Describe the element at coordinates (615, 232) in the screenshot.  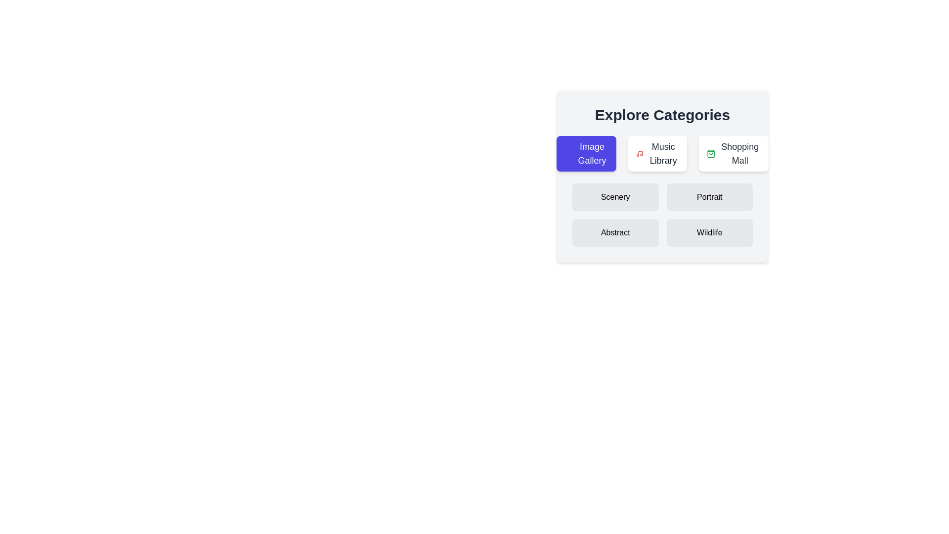
I see `the 'Abstract' button` at that location.